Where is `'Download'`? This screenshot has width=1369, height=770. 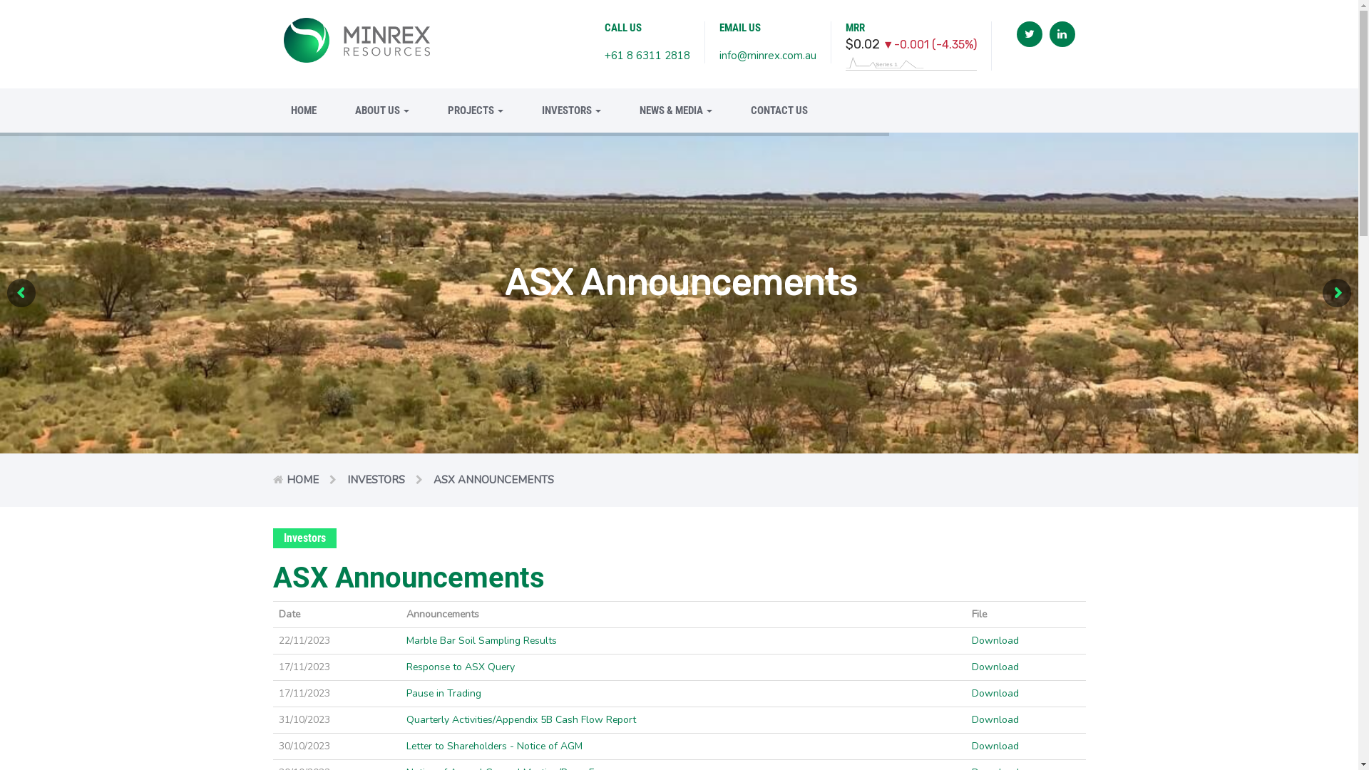 'Download' is located at coordinates (995, 692).